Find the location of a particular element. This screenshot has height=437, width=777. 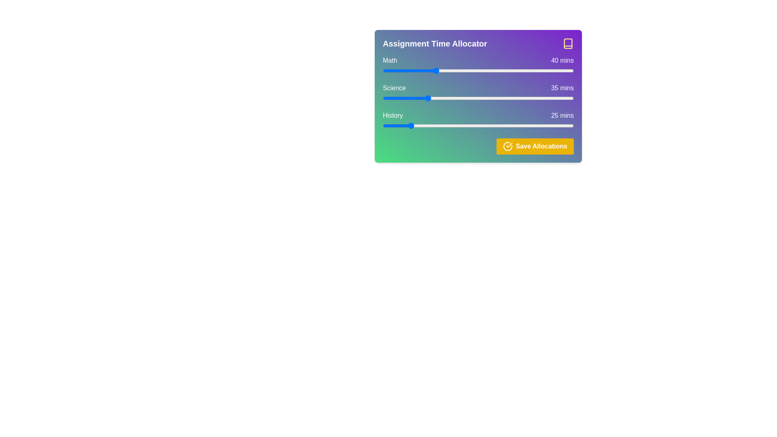

the history allocation time is located at coordinates (393, 126).